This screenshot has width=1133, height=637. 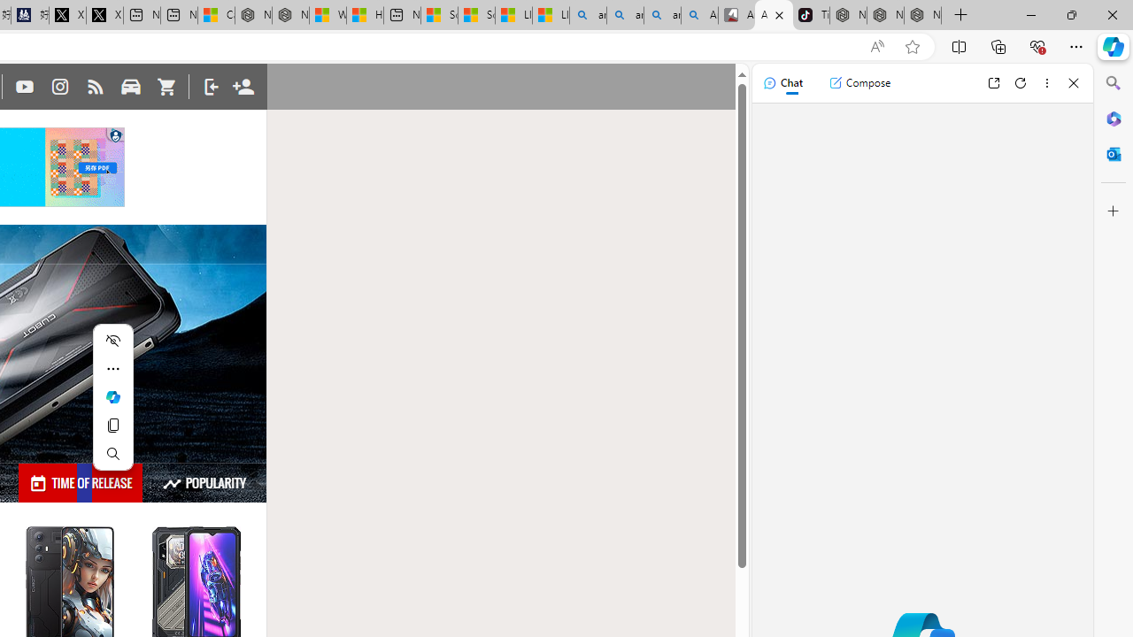 I want to click on 'Customize', so click(x=1113, y=211).